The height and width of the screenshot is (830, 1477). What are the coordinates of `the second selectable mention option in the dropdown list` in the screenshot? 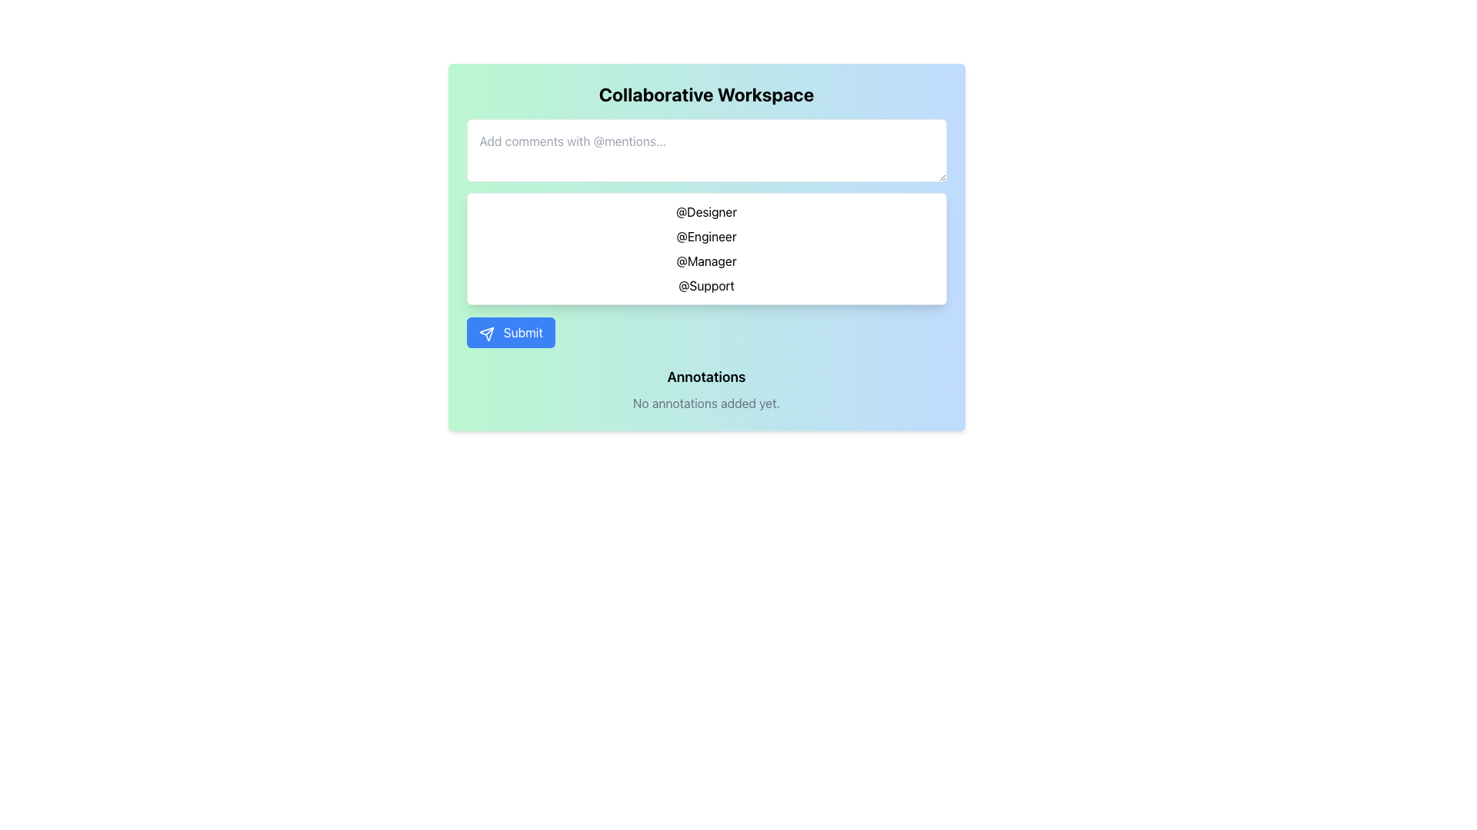 It's located at (705, 237).